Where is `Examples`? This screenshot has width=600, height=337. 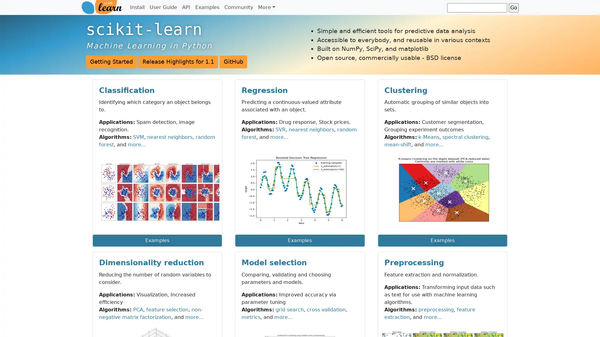 Examples is located at coordinates (299, 240).